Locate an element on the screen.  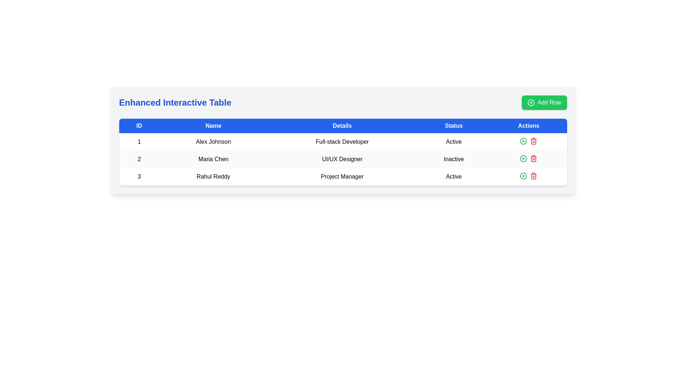
the circular vector graphic within the 'Add Row' button, which features a green stroke color and a plus symbol, located at the top-right corner of the data table is located at coordinates (531, 102).